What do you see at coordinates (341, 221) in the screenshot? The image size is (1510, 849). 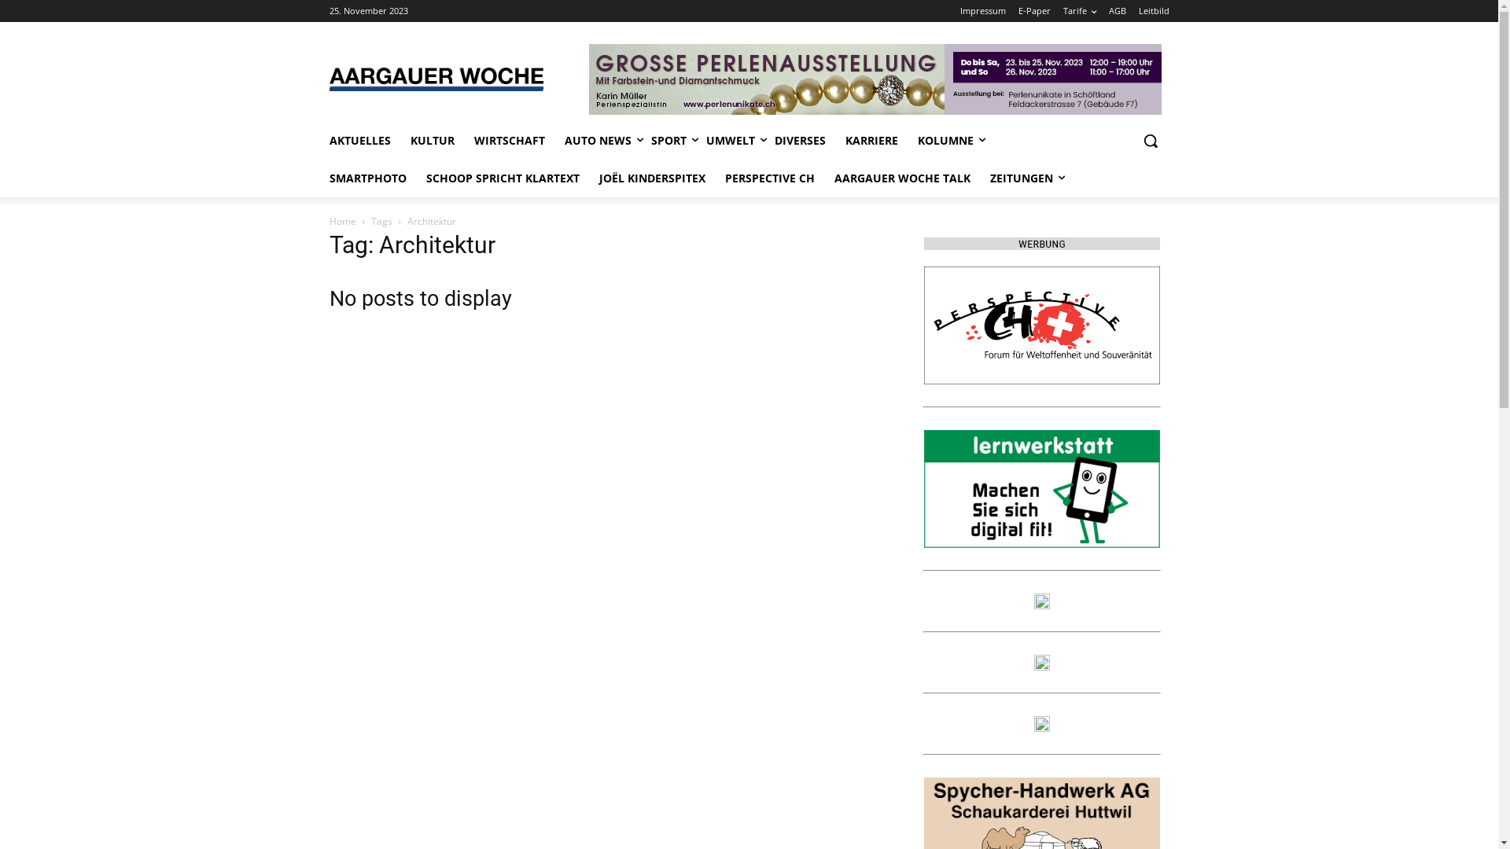 I see `'Home'` at bounding box center [341, 221].